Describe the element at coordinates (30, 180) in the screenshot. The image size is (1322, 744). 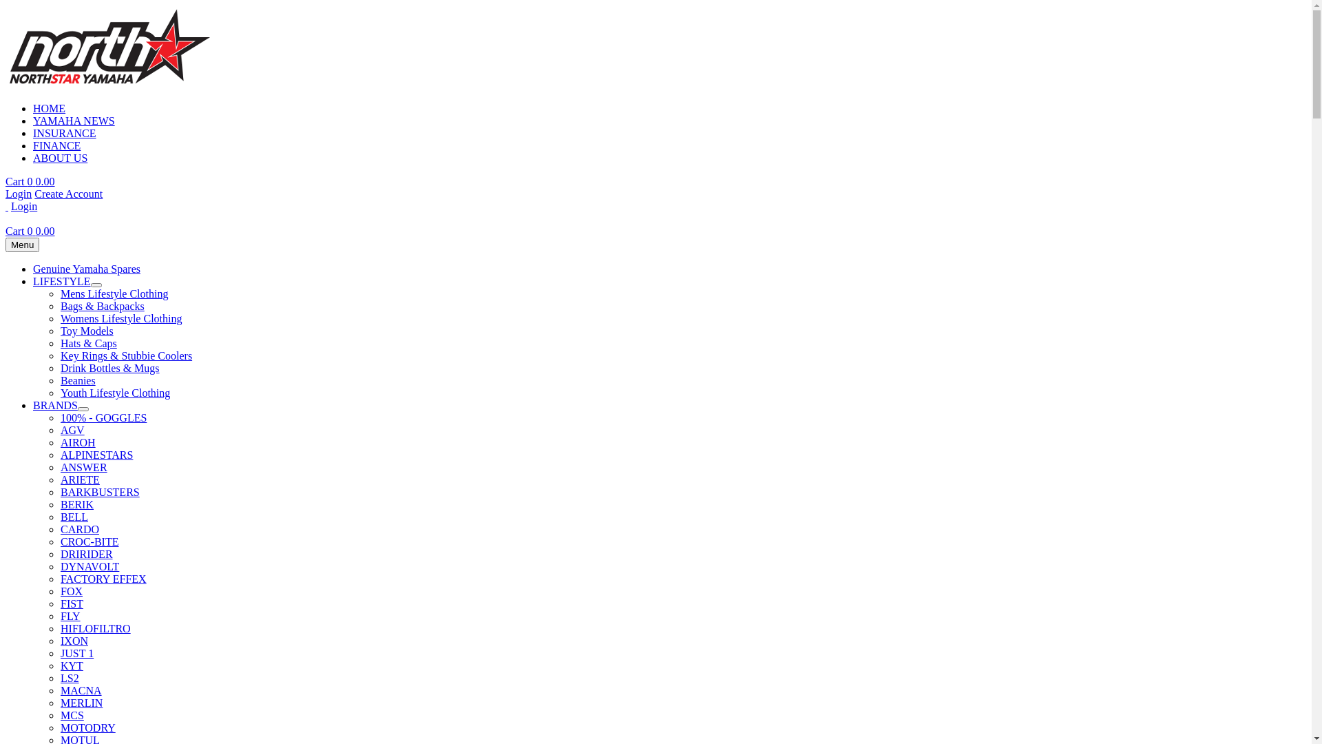
I see `'Cart 0 0.00'` at that location.